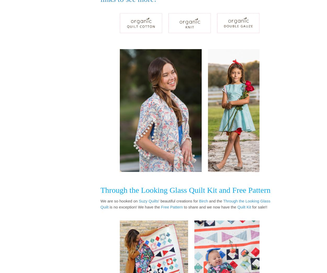 The image size is (327, 273). I want to click on 'We are so hooked on', so click(119, 201).